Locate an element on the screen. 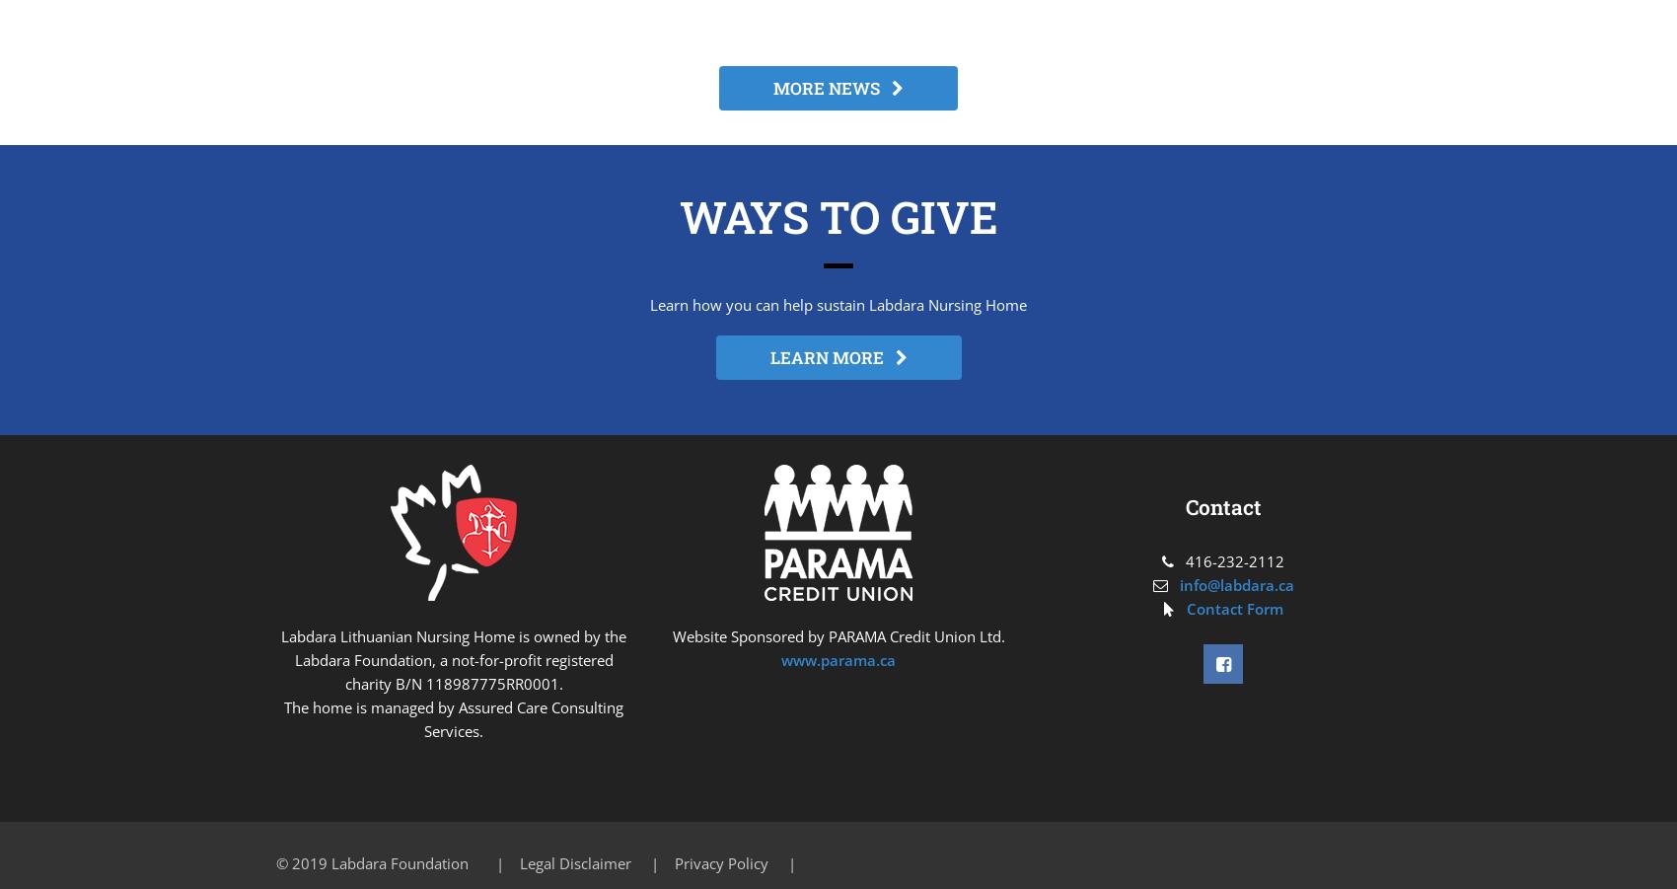 The height and width of the screenshot is (889, 1677). 'LEARN MORE' is located at coordinates (831, 356).